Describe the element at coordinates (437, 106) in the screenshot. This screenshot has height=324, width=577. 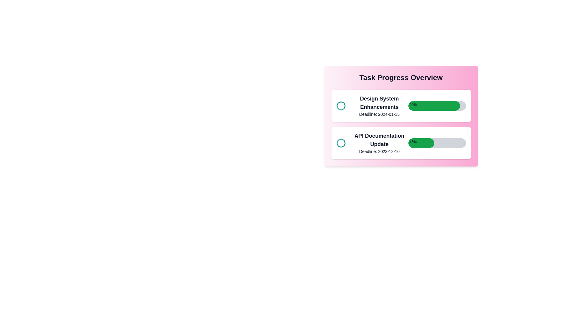
I see `the progress bar of the task 'Design System Enhancements'` at that location.